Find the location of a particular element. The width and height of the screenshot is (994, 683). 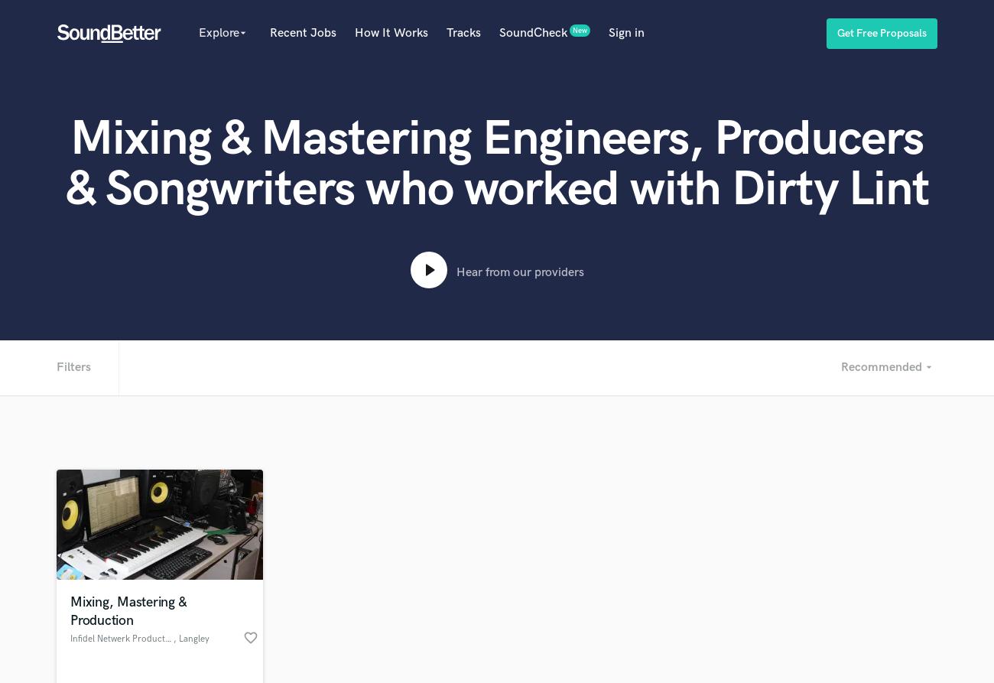

'Session Musicians' is located at coordinates (259, 219).